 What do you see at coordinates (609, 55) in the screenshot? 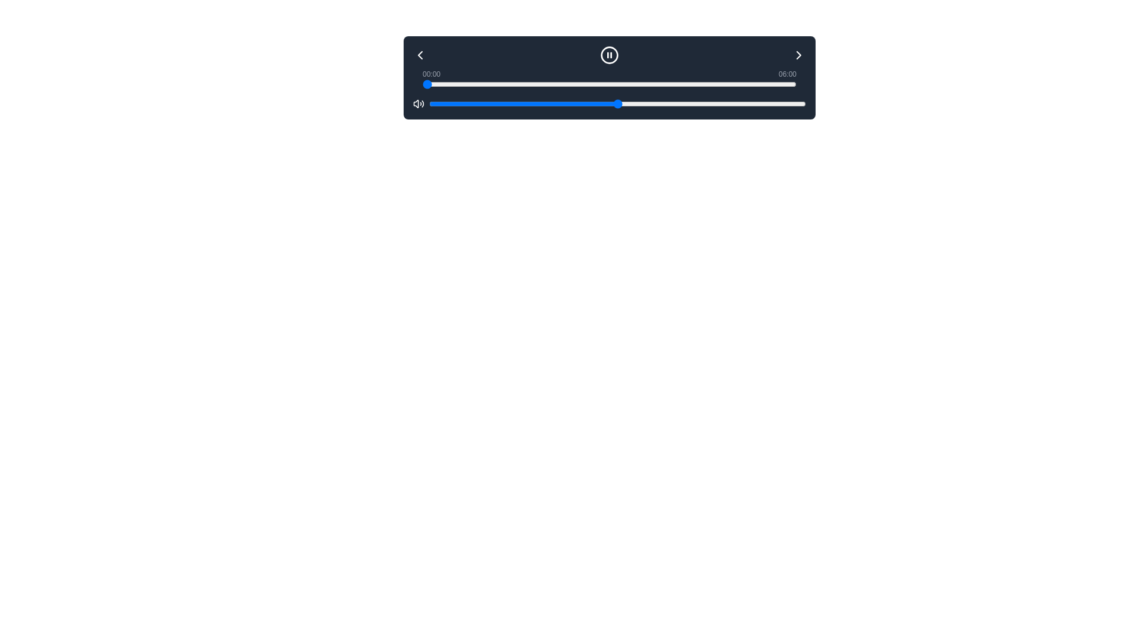
I see `the central pause icon of the media control group` at bounding box center [609, 55].